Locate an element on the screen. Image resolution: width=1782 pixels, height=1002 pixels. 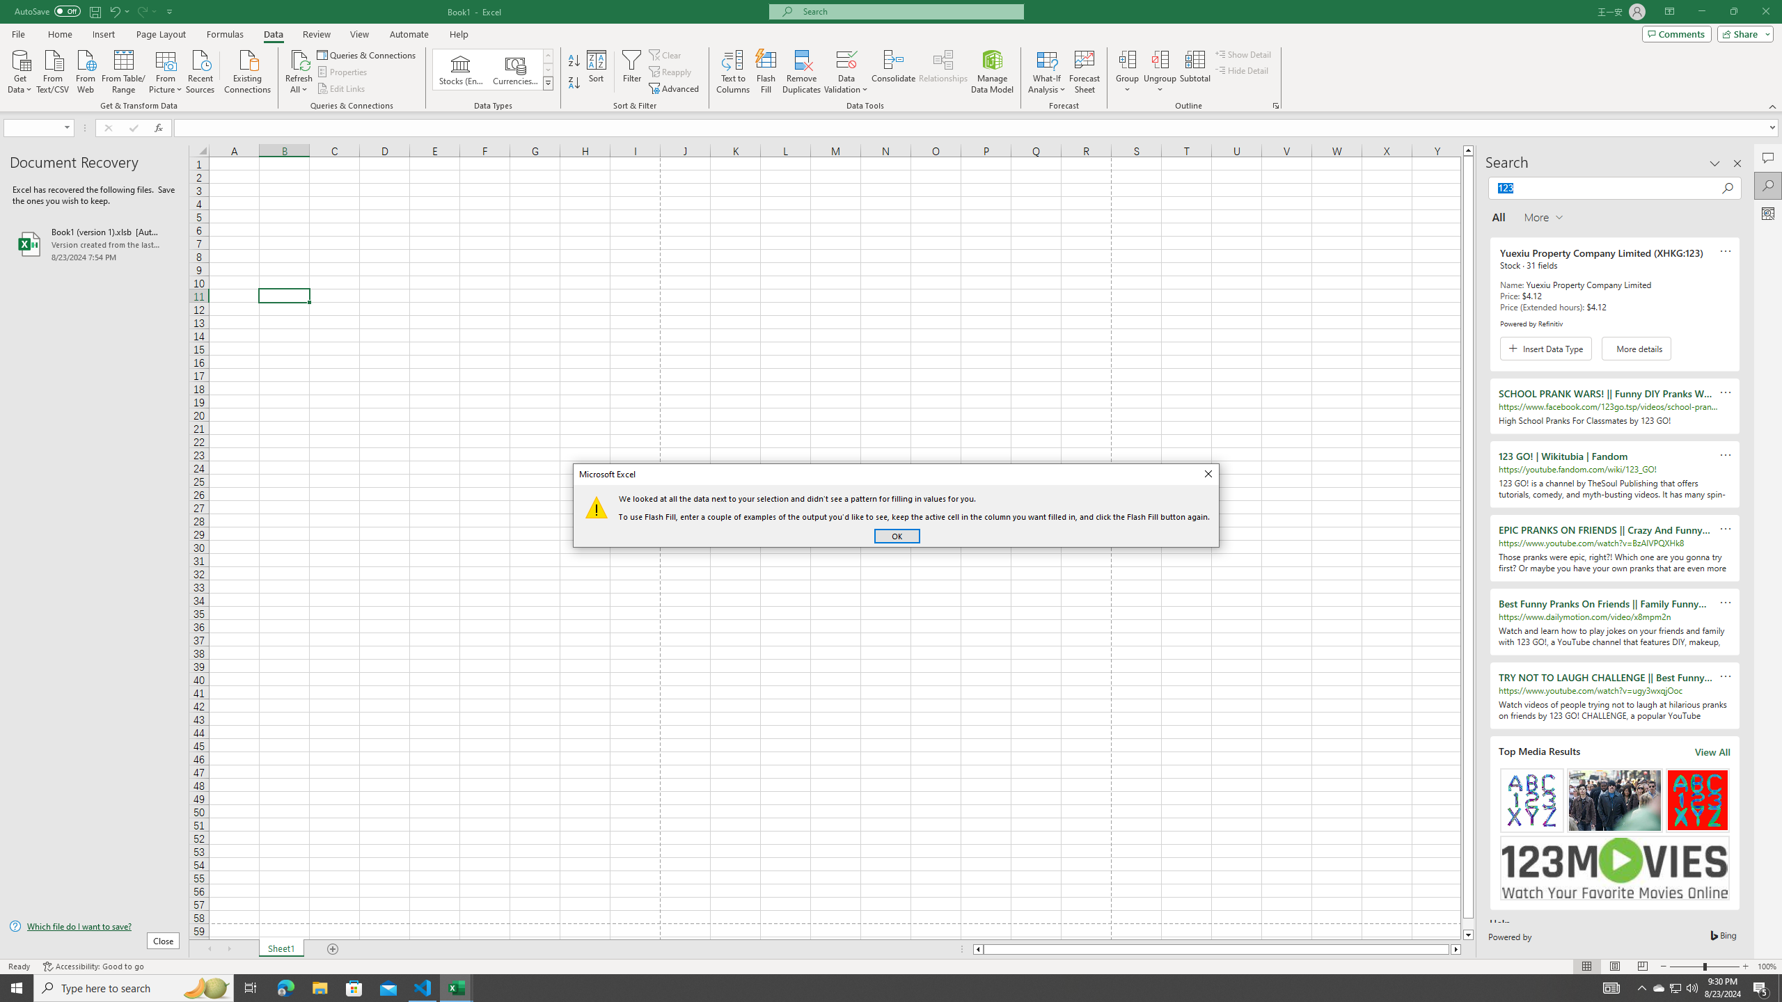
'Action Center, 5 new notifications' is located at coordinates (1761, 987).